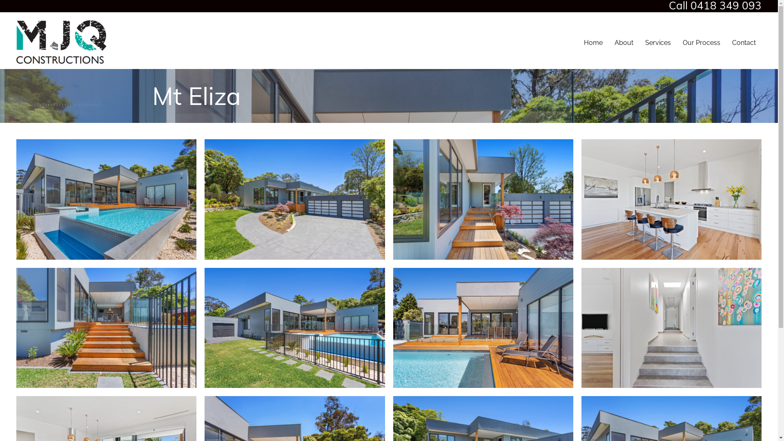 The width and height of the screenshot is (784, 441). Describe the element at coordinates (658, 42) in the screenshot. I see `'Services'` at that location.